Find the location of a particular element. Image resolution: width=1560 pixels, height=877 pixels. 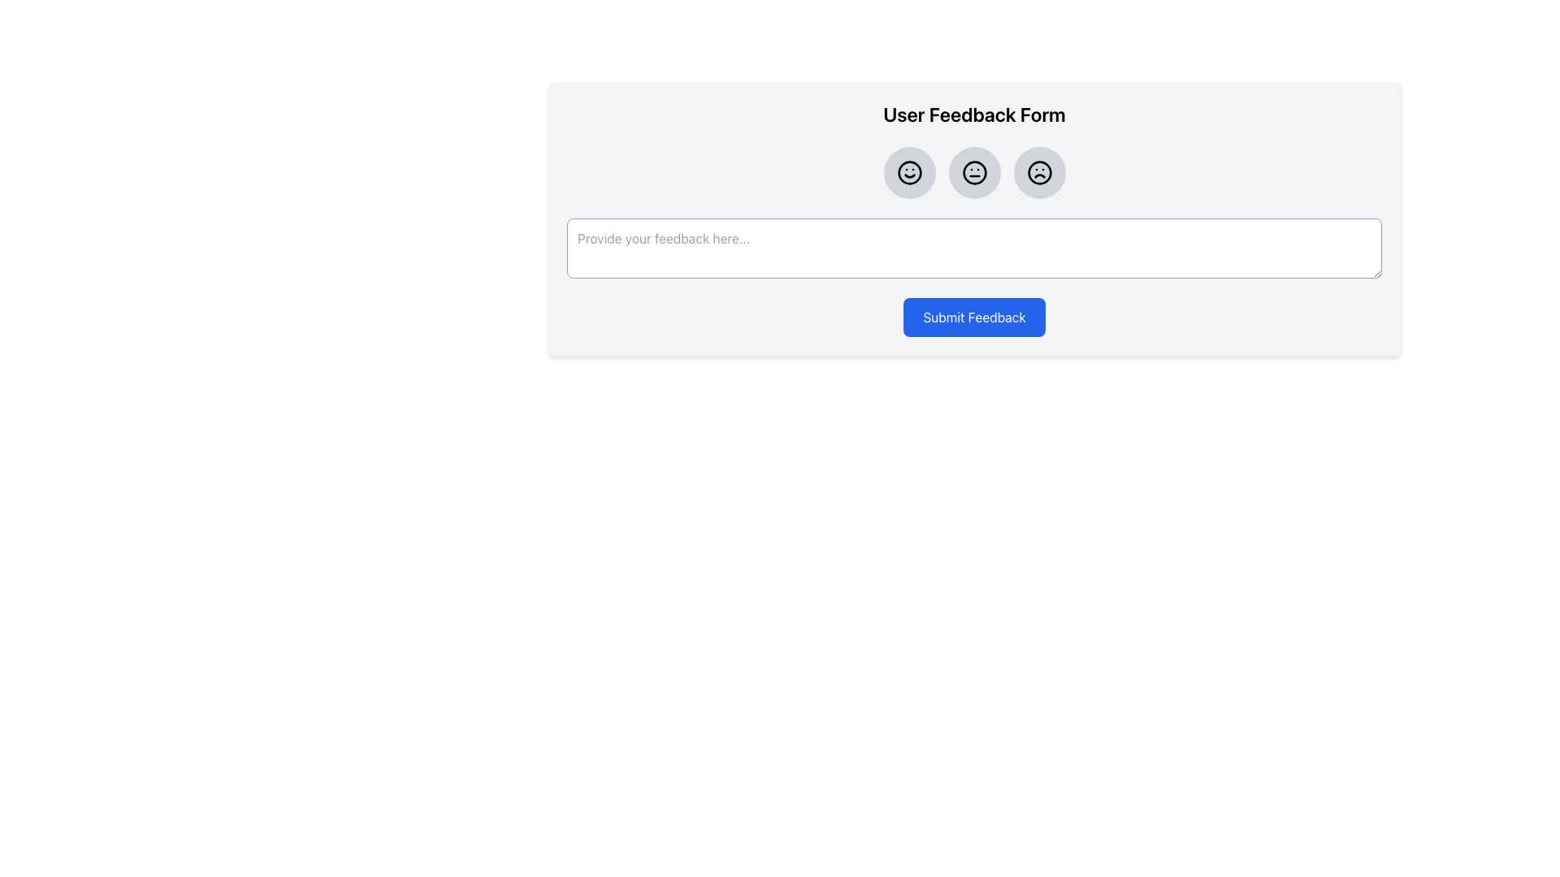

the circular frowning face icon, which is the third icon in a row of feedback options above the text input box labeled 'Provide your feedback here...' is located at coordinates (1038, 172).